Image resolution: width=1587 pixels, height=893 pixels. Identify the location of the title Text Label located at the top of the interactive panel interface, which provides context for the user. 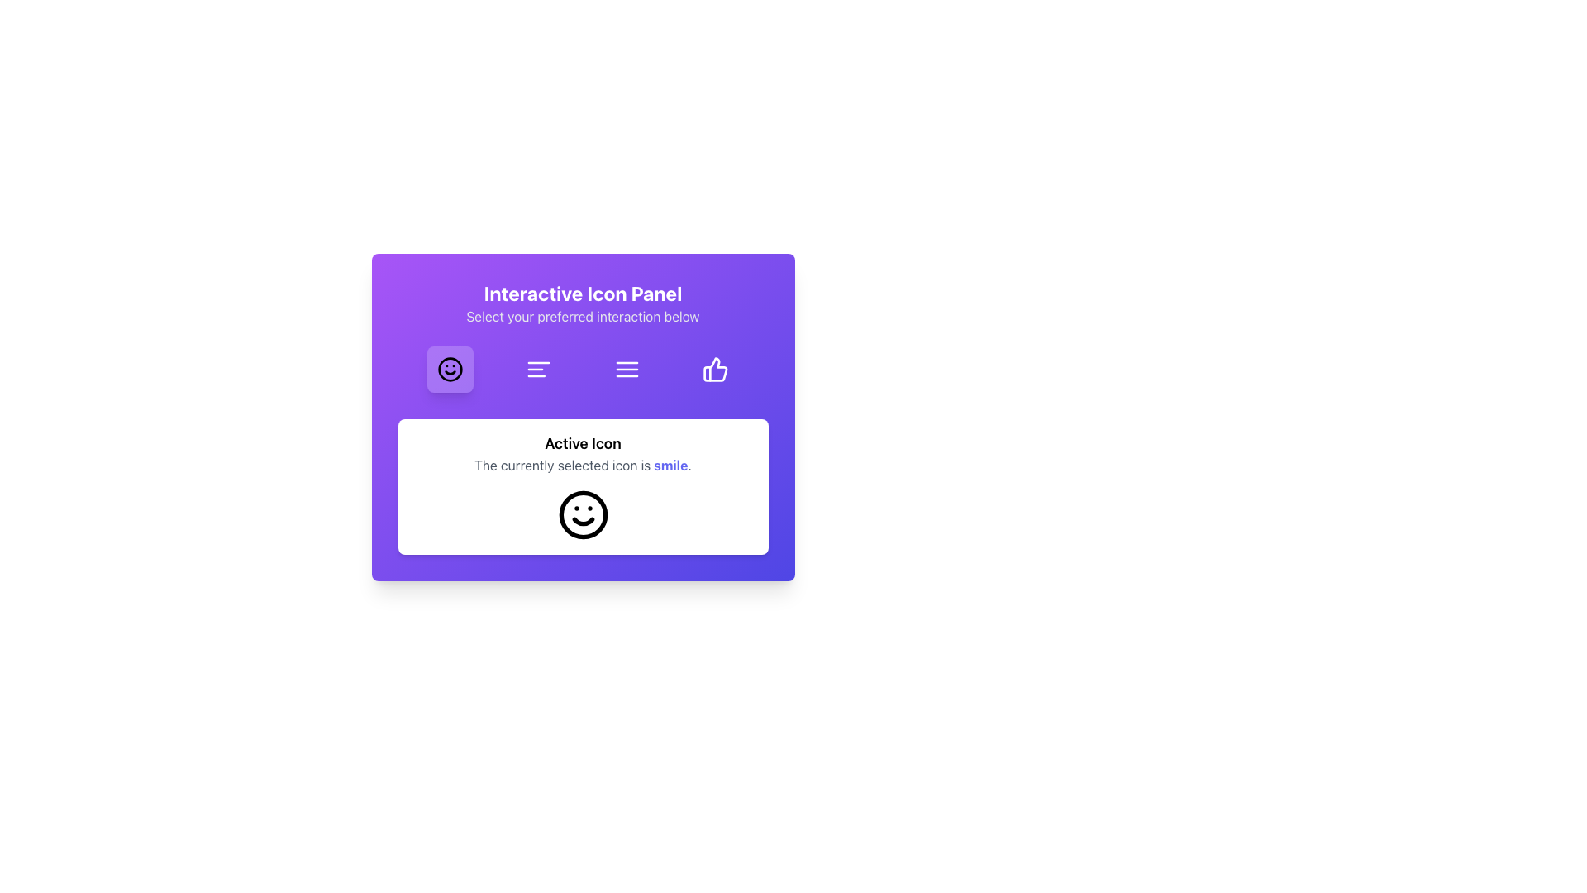
(583, 292).